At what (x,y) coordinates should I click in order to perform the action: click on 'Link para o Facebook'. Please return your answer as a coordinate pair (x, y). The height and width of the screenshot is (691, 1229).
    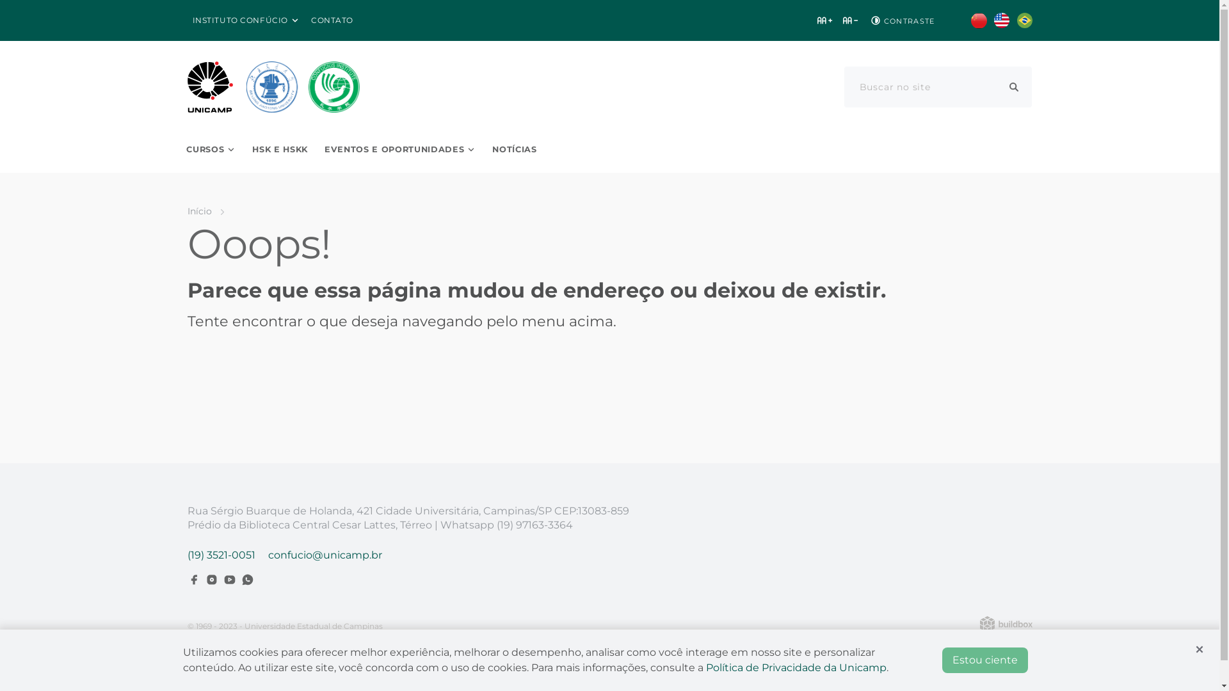
    Looking at the image, I should click on (193, 580).